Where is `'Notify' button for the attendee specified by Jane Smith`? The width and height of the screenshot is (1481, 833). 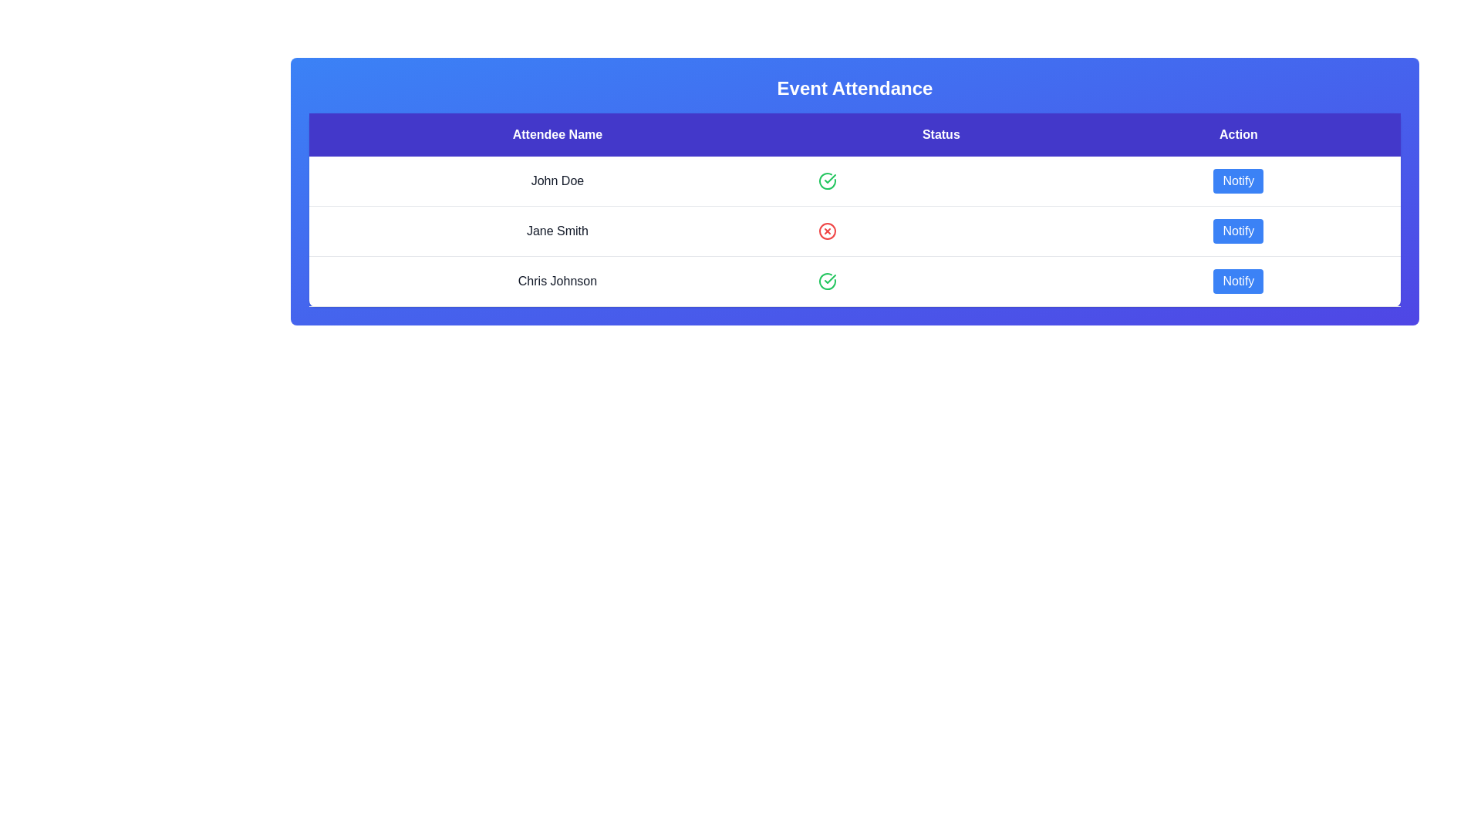 'Notify' button for the attendee specified by Jane Smith is located at coordinates (1238, 231).